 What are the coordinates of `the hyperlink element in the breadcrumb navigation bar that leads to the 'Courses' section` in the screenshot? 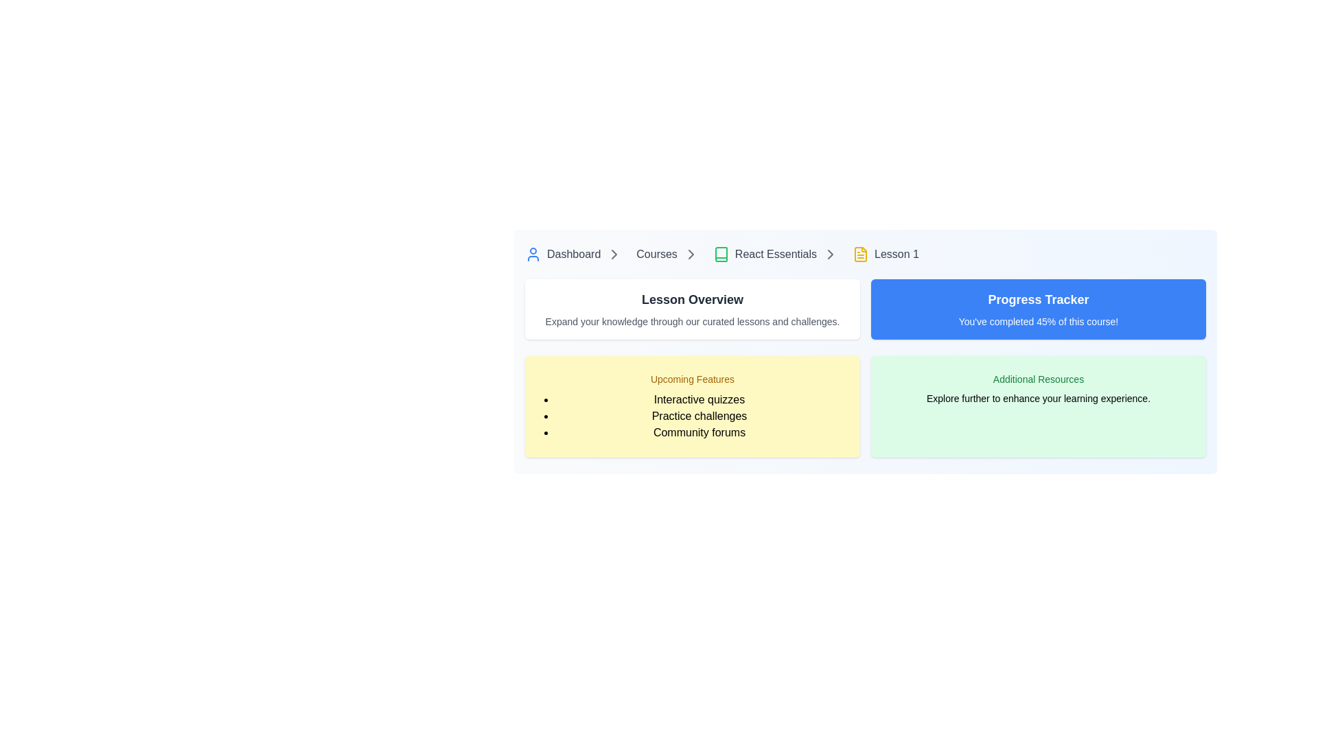 It's located at (656, 254).